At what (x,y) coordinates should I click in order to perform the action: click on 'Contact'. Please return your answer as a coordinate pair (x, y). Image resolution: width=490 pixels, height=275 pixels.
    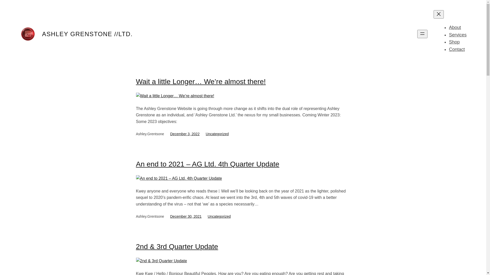
    Looking at the image, I should click on (457, 49).